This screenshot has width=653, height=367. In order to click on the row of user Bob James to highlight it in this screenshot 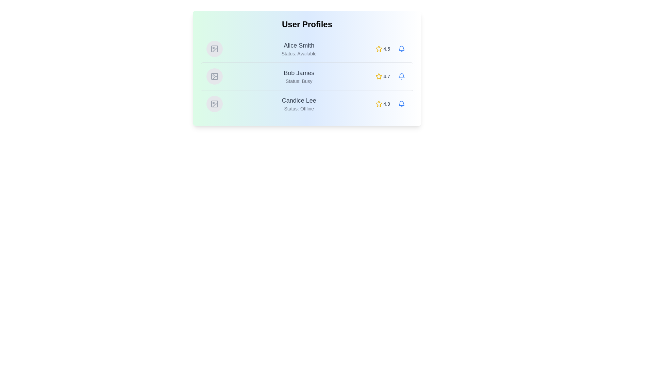, I will do `click(306, 76)`.